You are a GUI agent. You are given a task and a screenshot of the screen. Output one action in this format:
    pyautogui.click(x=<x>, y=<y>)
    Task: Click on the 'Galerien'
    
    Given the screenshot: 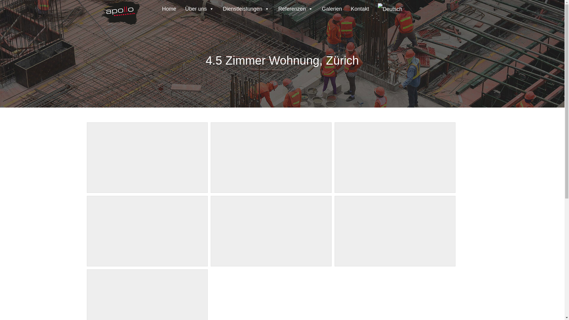 What is the action you would take?
    pyautogui.click(x=331, y=8)
    